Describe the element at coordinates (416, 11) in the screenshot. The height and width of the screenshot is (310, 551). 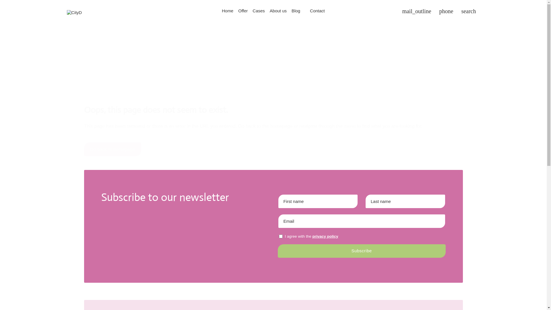
I see `'mail_outline'` at that location.